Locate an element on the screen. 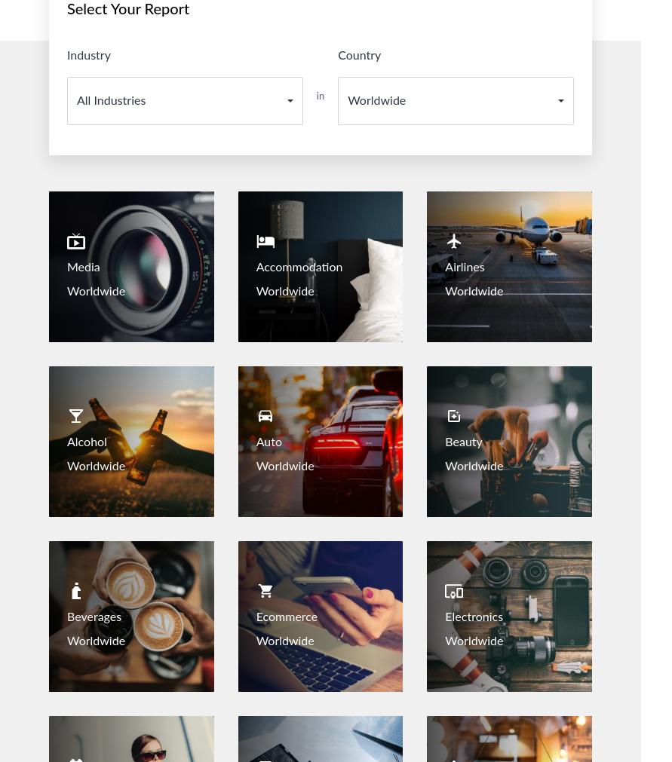 The height and width of the screenshot is (762, 672). 'Airlines' is located at coordinates (465, 266).